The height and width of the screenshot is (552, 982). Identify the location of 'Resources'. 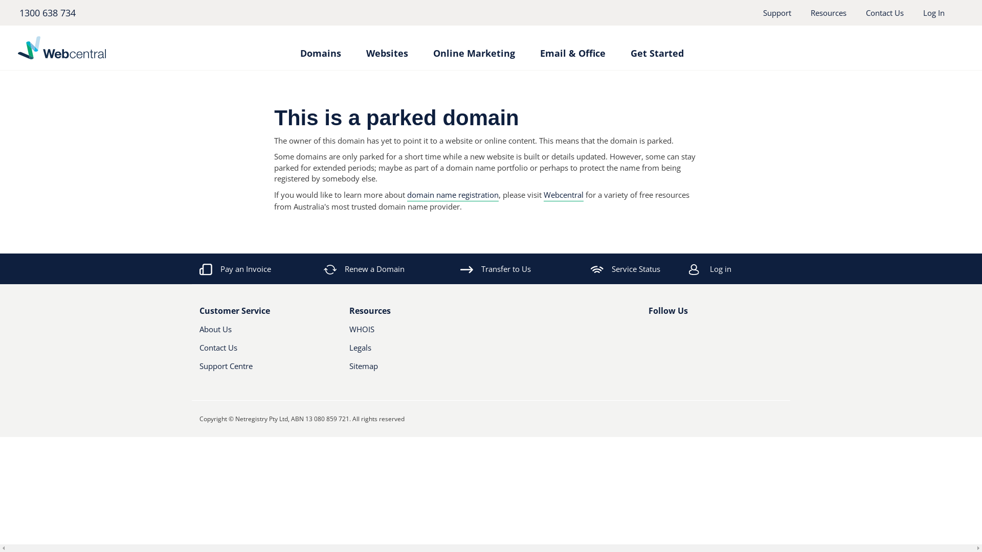
(829, 12).